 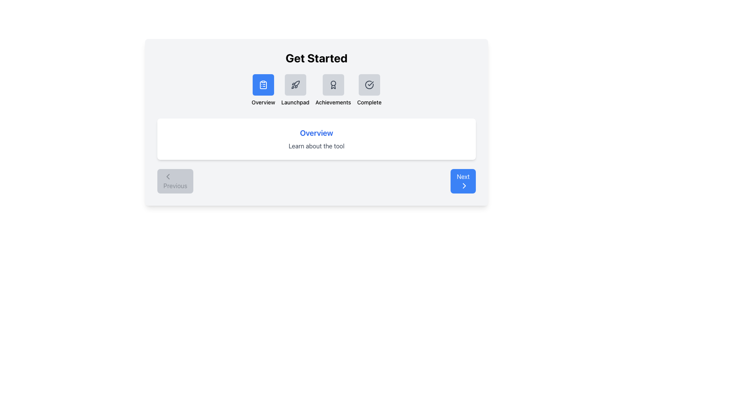 What do you see at coordinates (369, 89) in the screenshot?
I see `the 'Complete' button, which features a circle with a checkmark icon and the label 'Complete' below it` at bounding box center [369, 89].